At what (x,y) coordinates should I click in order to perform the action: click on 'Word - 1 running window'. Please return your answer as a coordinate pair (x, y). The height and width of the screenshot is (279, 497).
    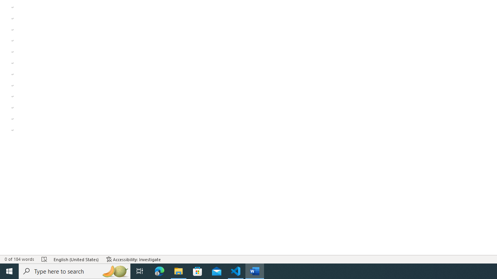
    Looking at the image, I should click on (255, 270).